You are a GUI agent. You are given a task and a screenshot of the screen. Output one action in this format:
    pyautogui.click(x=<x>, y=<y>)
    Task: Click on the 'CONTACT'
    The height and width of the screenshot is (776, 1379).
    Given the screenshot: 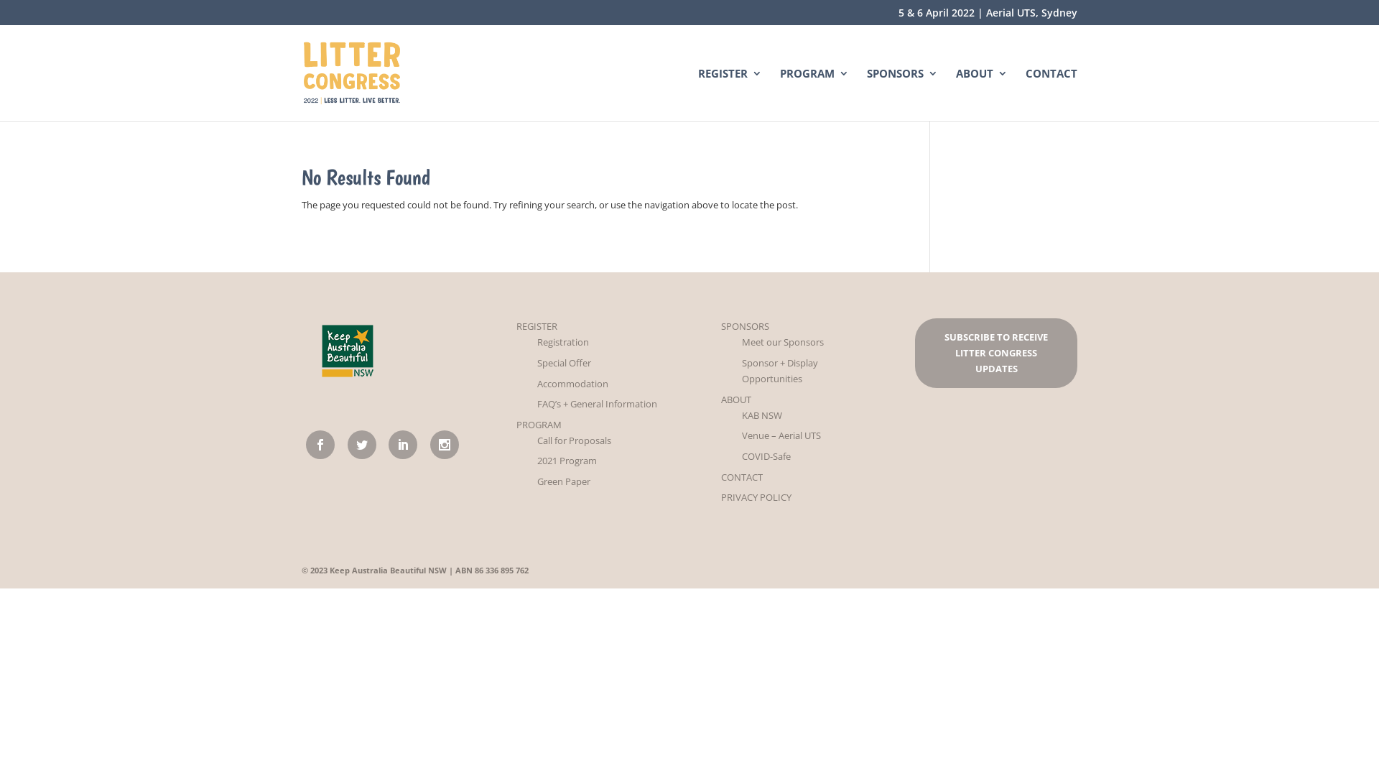 What is the action you would take?
    pyautogui.click(x=1051, y=94)
    